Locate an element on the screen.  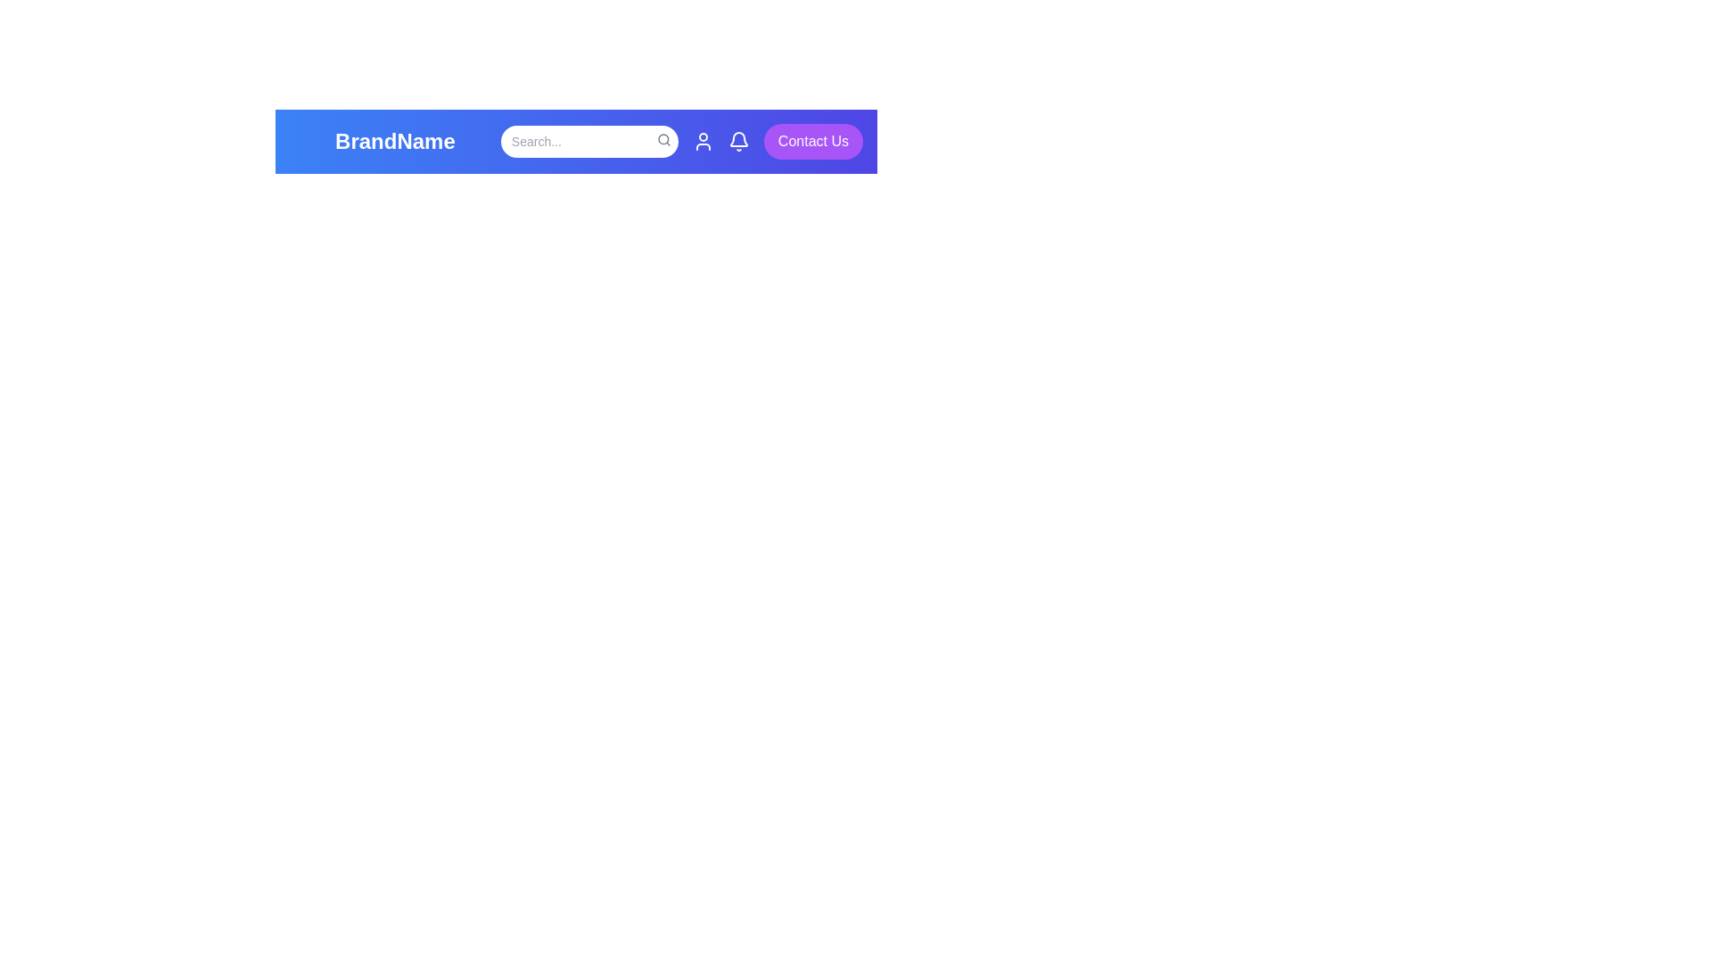
the notification bell icon is located at coordinates (738, 140).